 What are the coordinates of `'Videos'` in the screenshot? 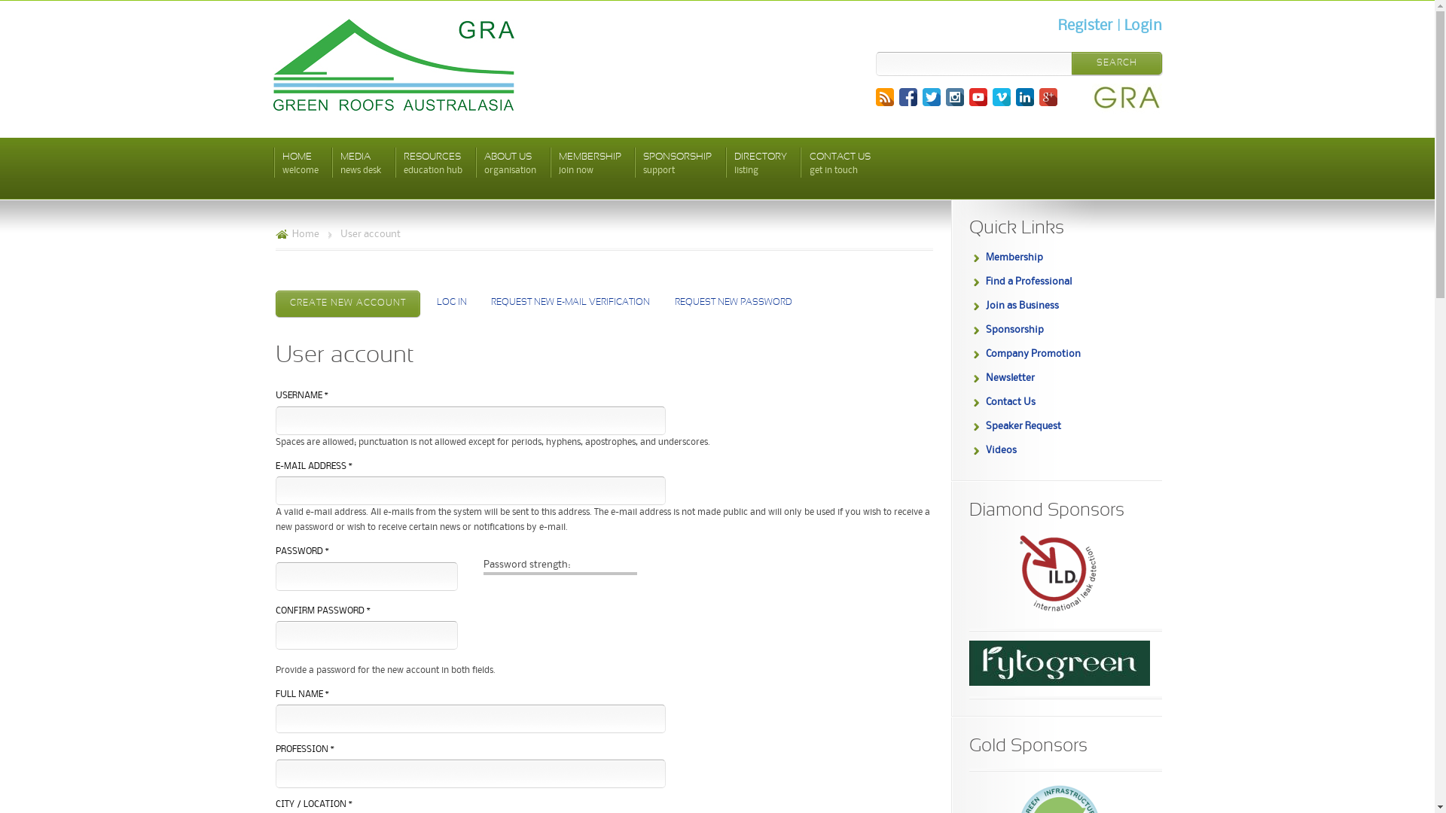 It's located at (1000, 449).